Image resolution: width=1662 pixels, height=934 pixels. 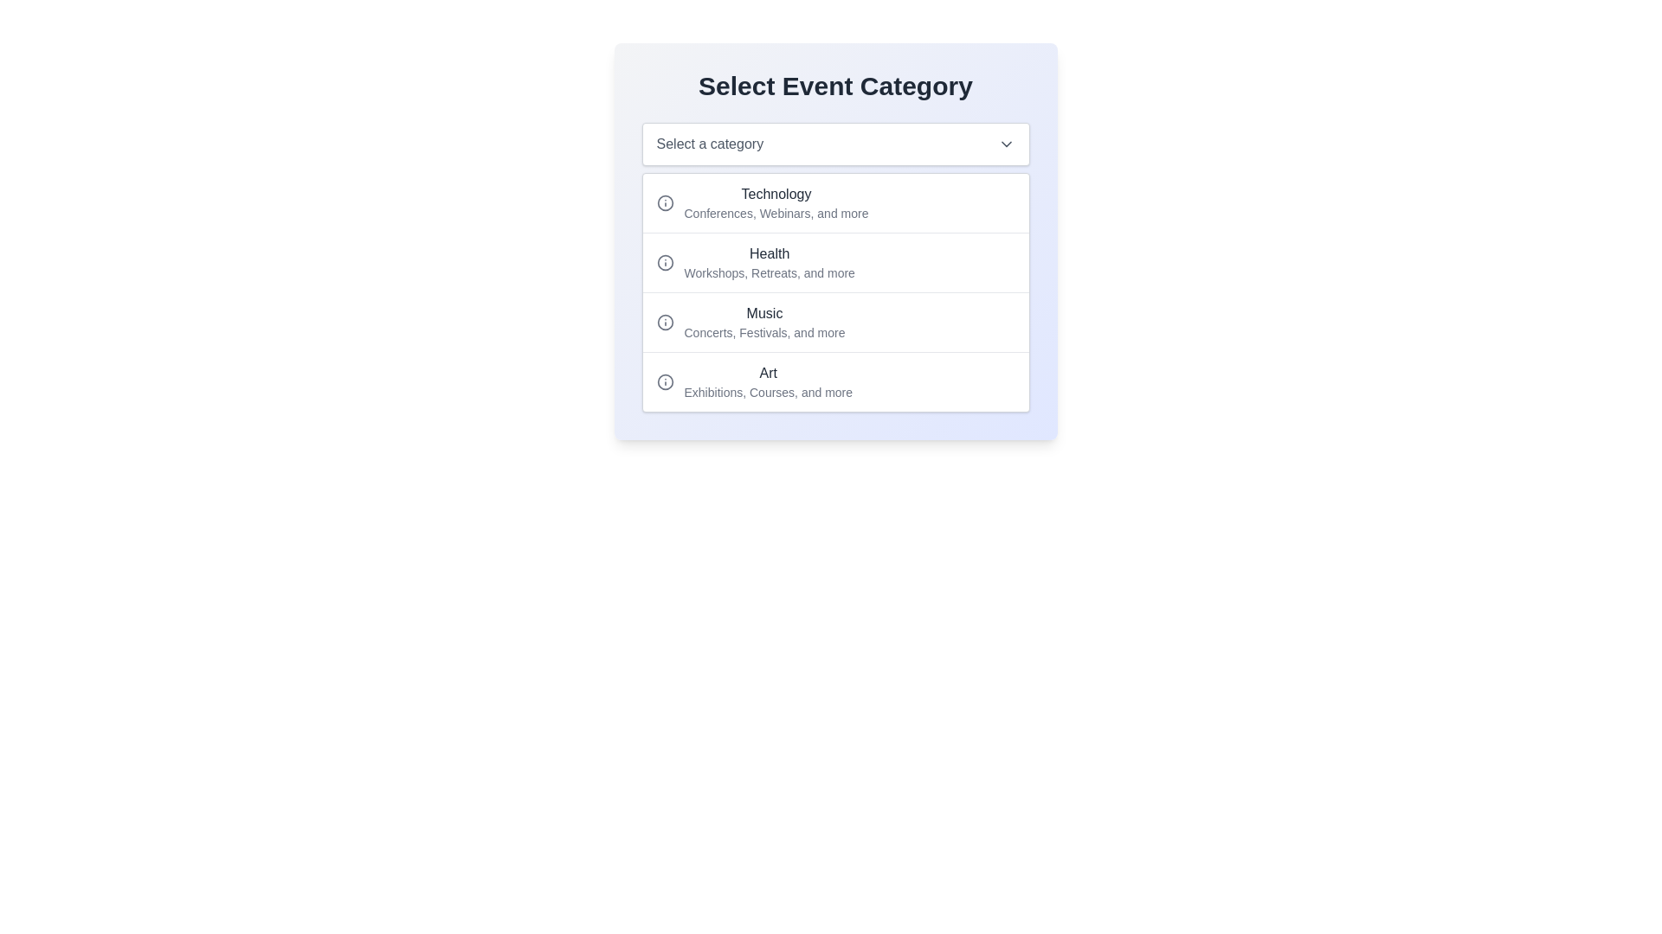 I want to click on the circular graphical icon element with a diameter of 20 units, located in the fourth row associated with 'Art', styled with no fill and a matching gray border, so click(x=664, y=381).